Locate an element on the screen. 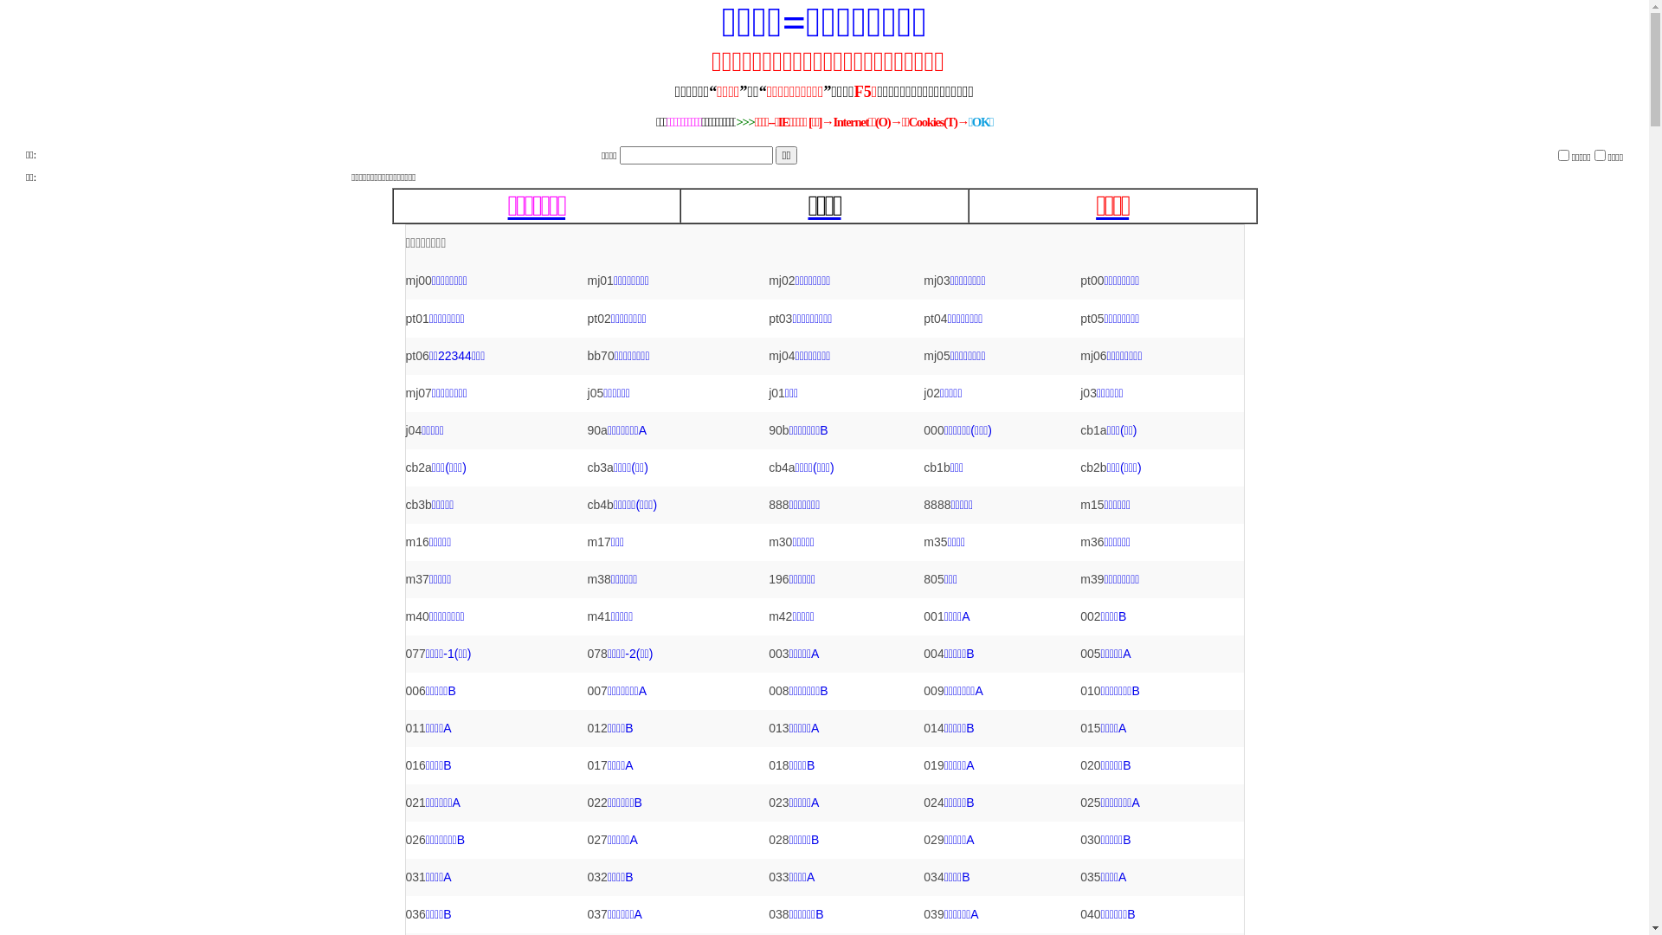  '019' is located at coordinates (932, 764).